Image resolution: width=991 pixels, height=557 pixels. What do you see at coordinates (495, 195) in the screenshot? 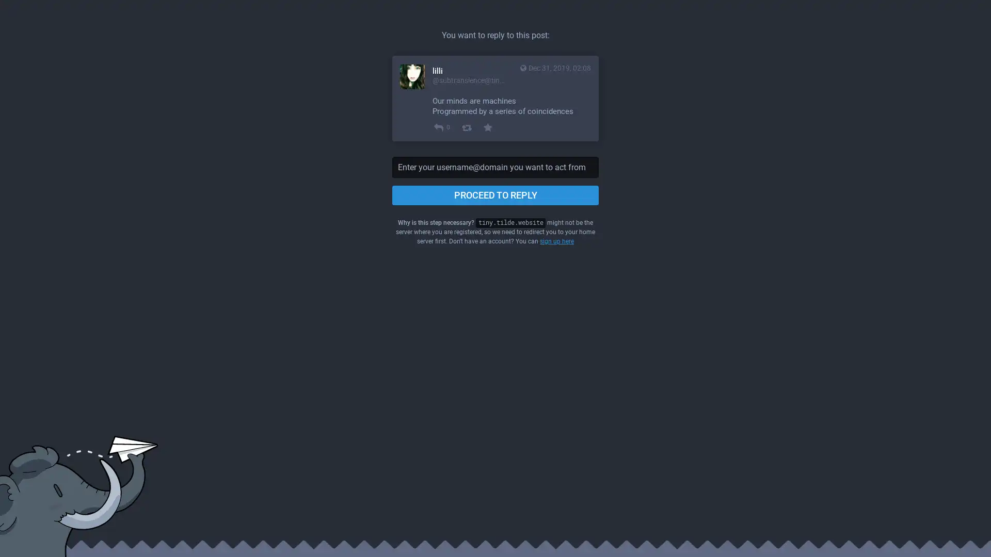
I see `PROCEED TO REPLY` at bounding box center [495, 195].